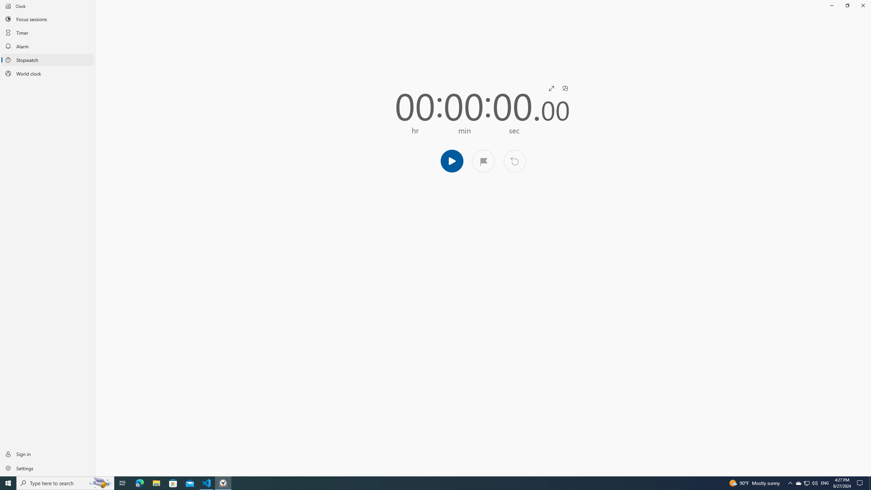 The height and width of the screenshot is (490, 871). Describe the element at coordinates (47, 60) in the screenshot. I see `'Stopwatch'` at that location.